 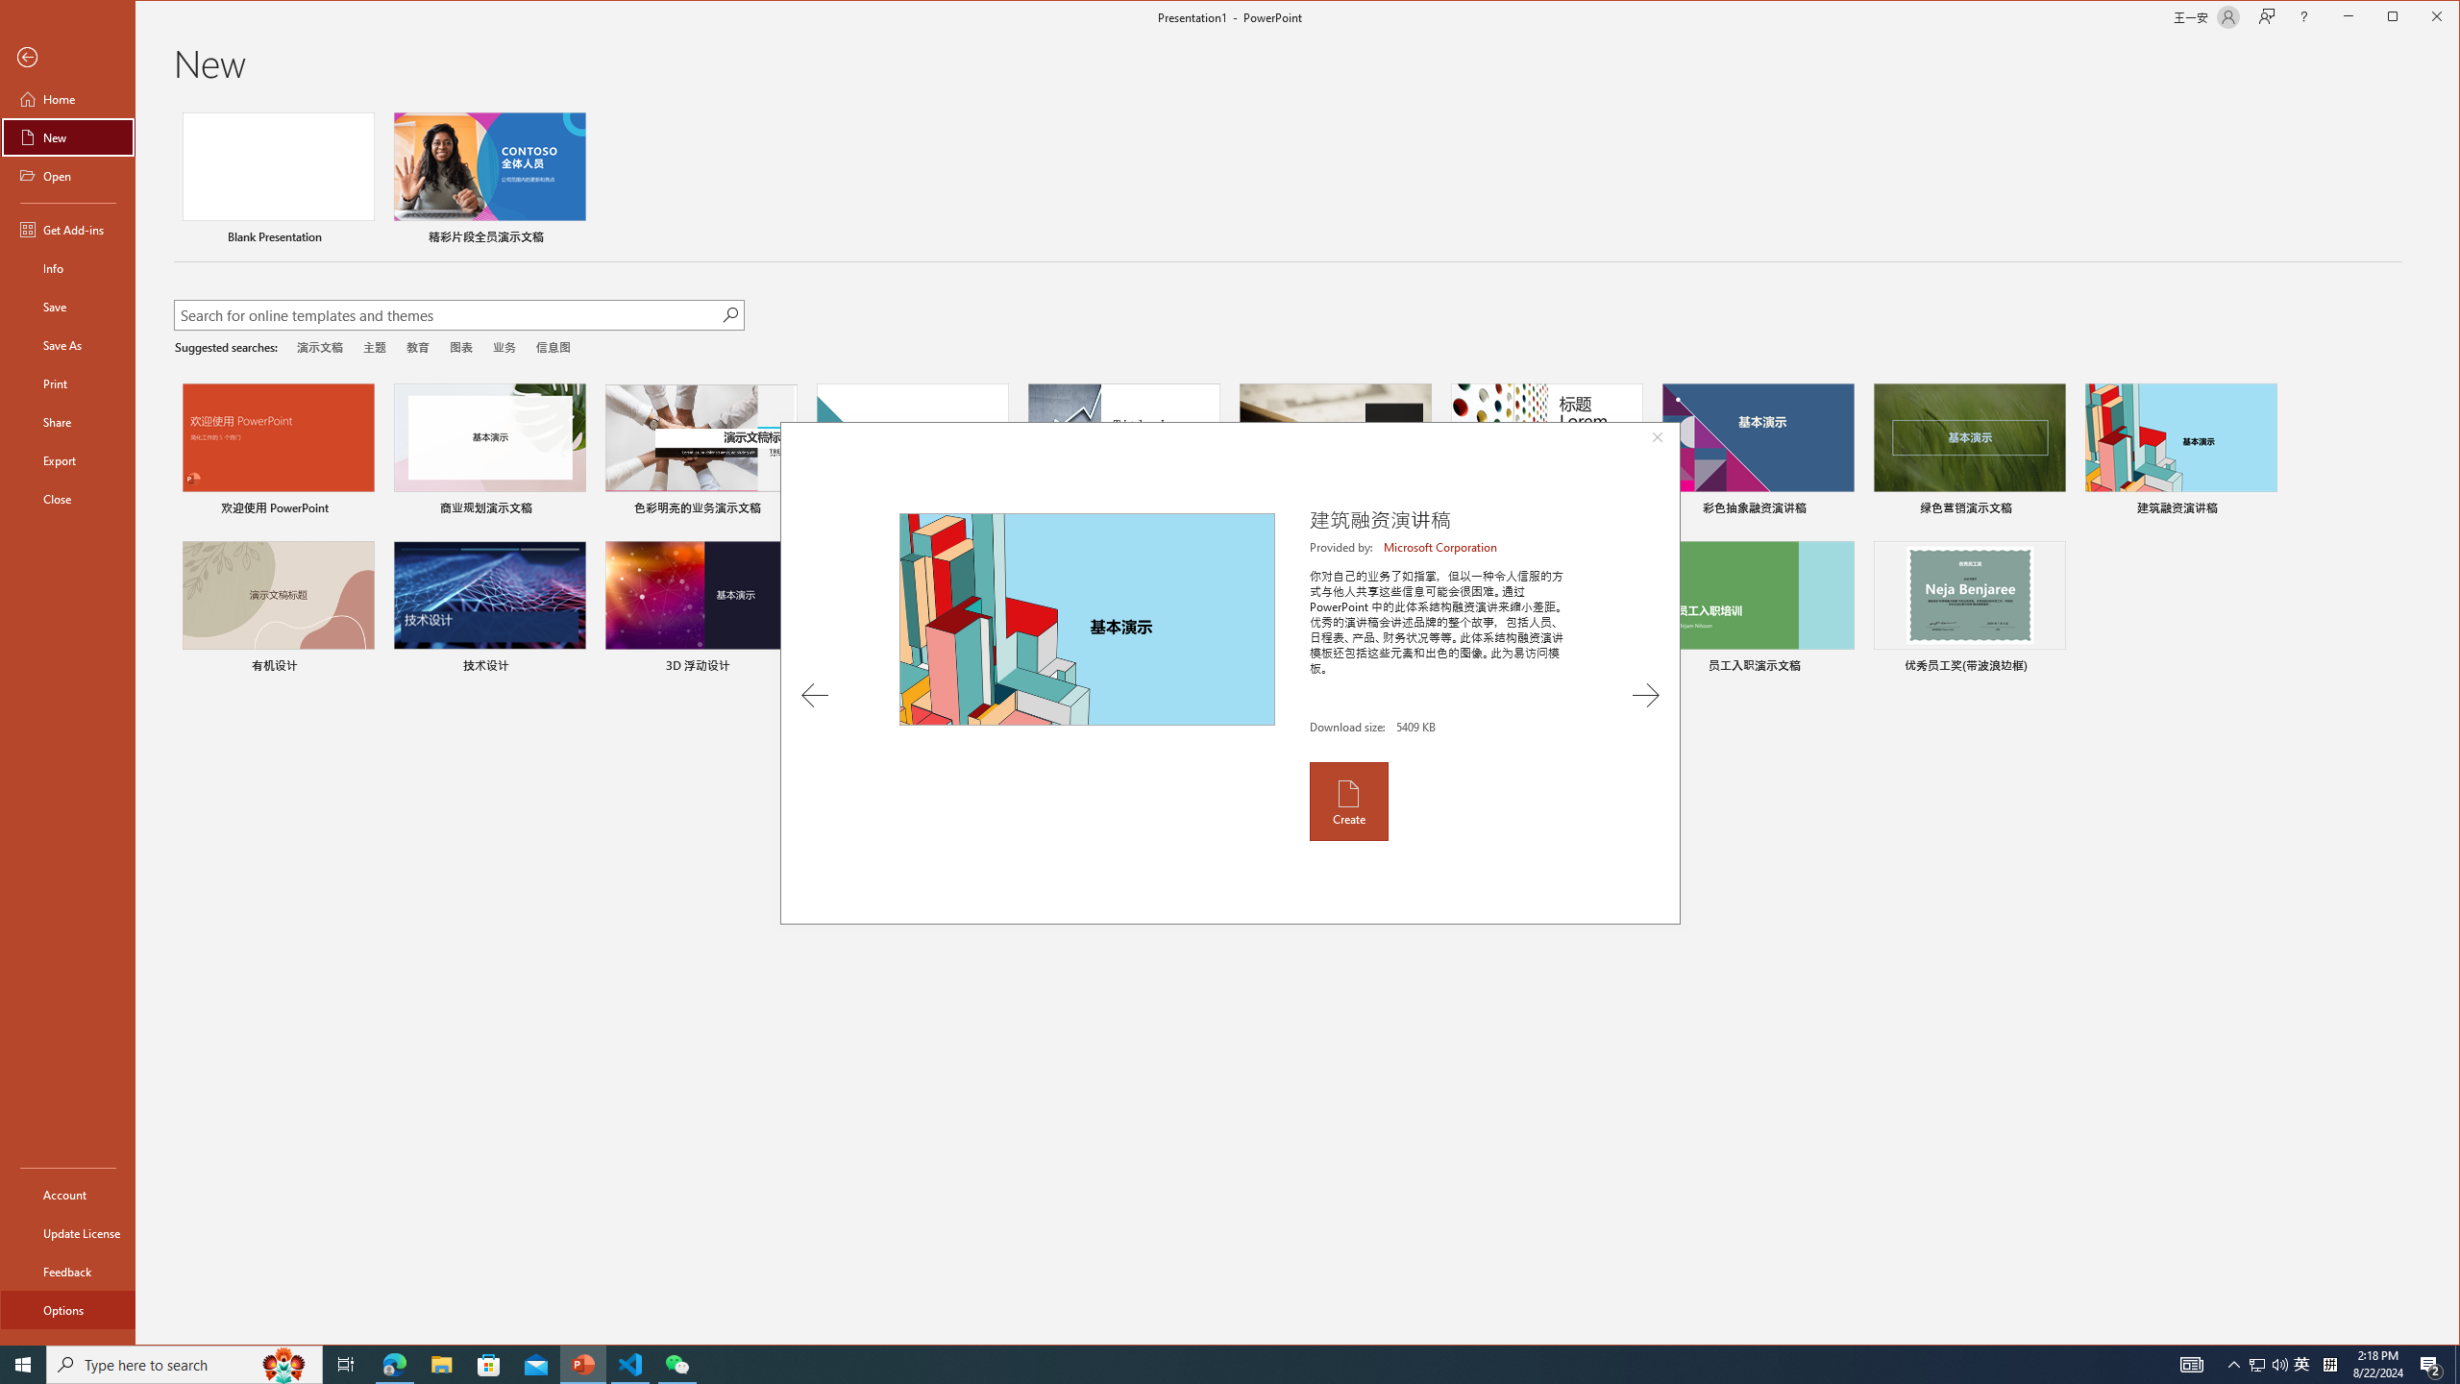 I want to click on 'Search for online templates and themes', so click(x=446, y=316).